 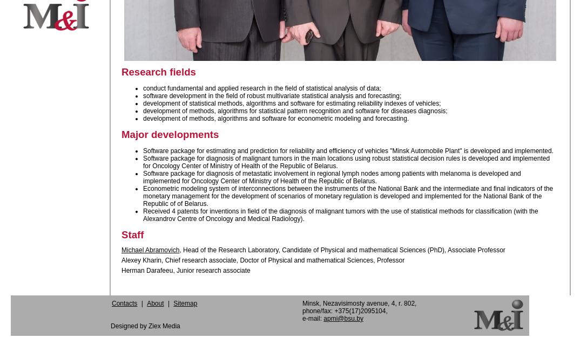 What do you see at coordinates (344, 310) in the screenshot?
I see `'phone/fax: +375(17)2095104,'` at bounding box center [344, 310].